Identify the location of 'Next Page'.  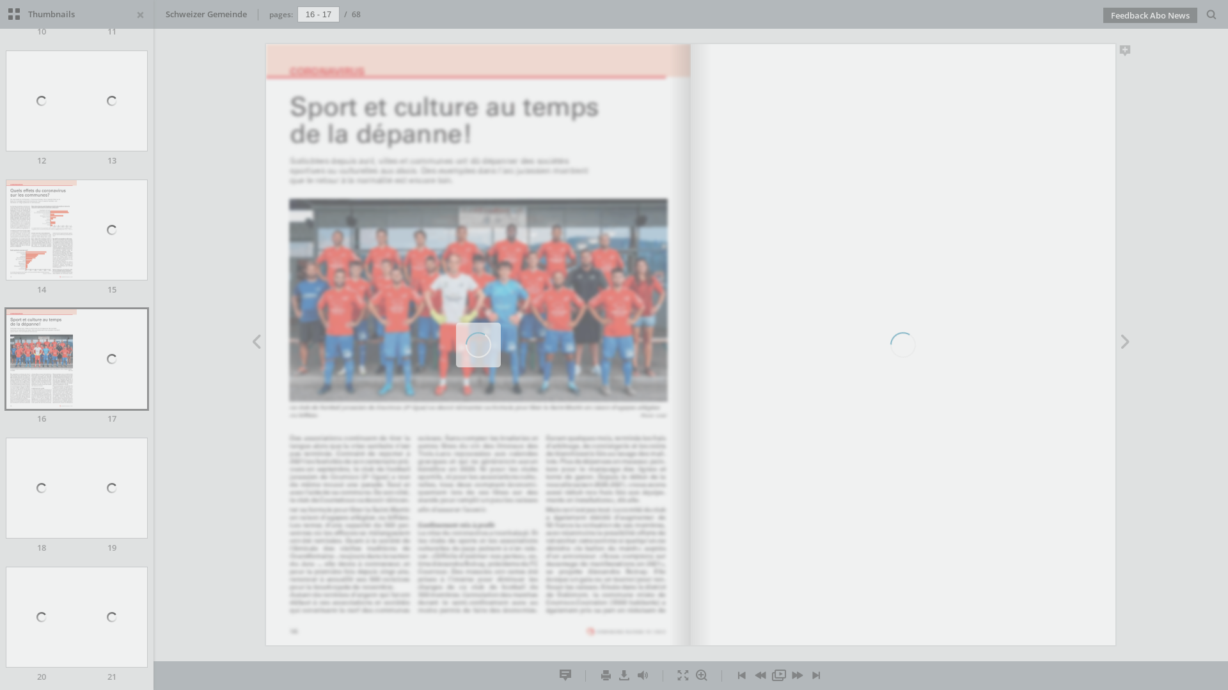
(1114, 342).